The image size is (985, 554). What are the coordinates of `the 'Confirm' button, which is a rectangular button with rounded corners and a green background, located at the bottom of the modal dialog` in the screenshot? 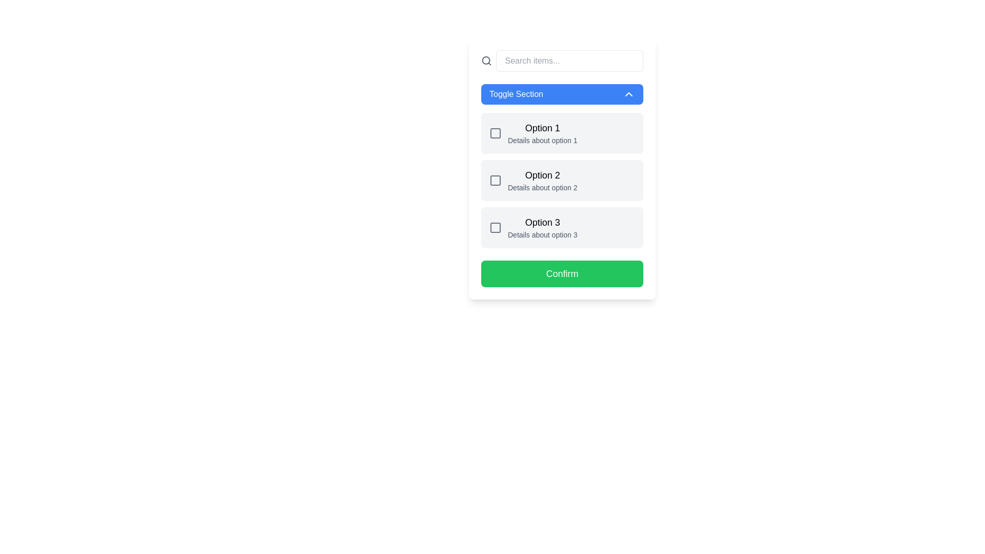 It's located at (561, 273).